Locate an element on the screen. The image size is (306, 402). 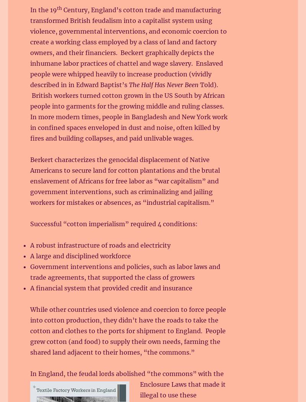
'Told).  British workers turned cotton grown in the US South by African people into garments for the growing middle and ruling classes.  In more modern times, people in Bangladesh and New York work in confined spaces enveloped in dust and noise, often killed by fires and building collapses, and paid unlivable wages.' is located at coordinates (30, 112).